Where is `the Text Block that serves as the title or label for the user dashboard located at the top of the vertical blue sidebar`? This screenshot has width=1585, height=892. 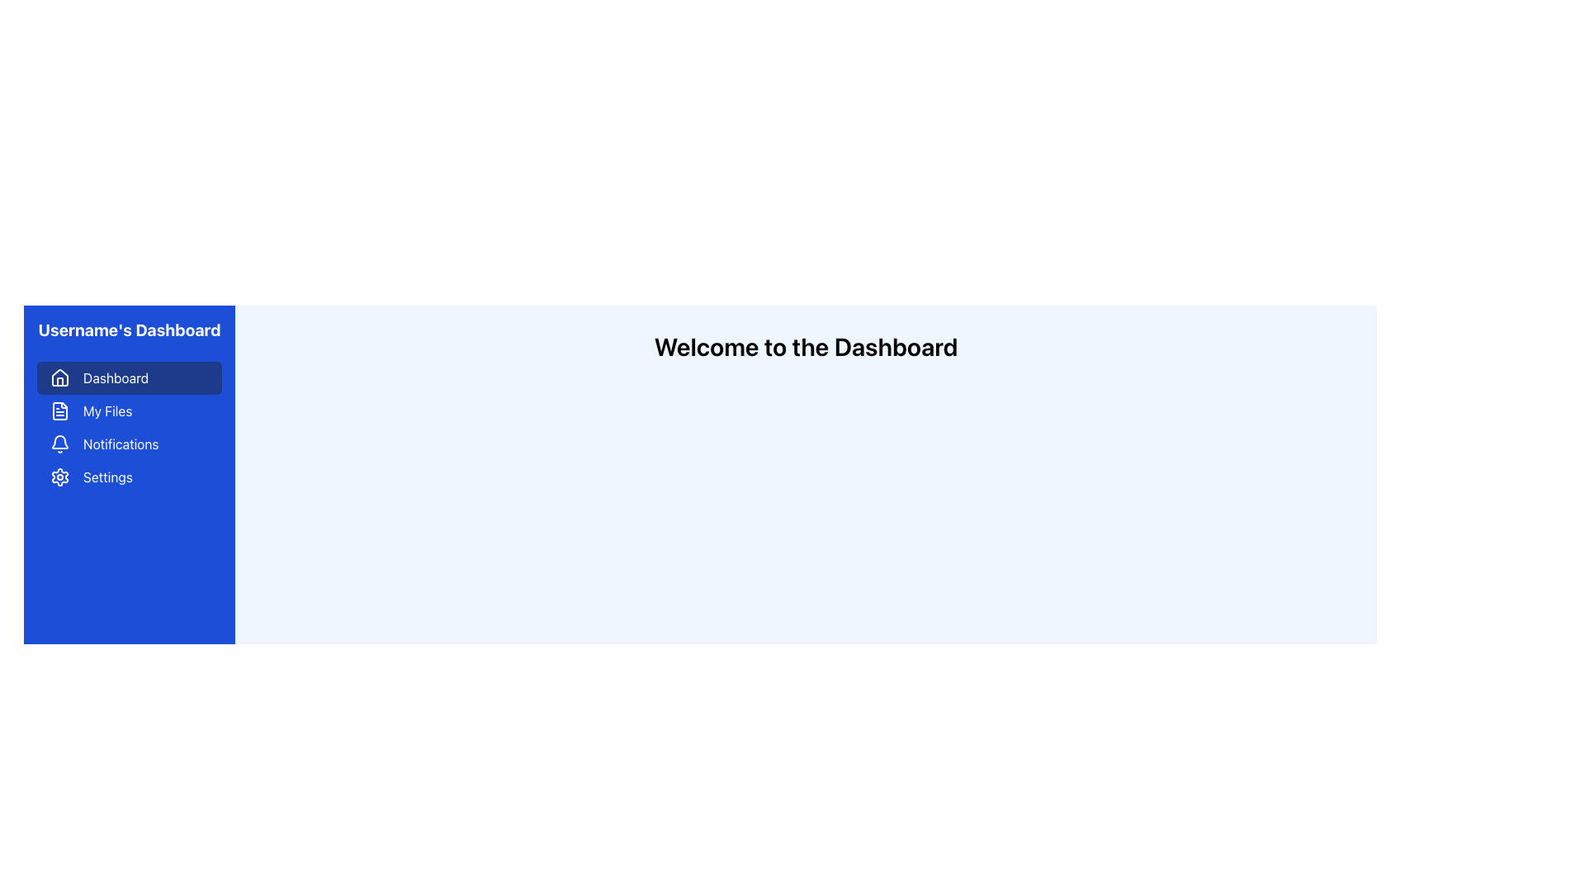
the Text Block that serves as the title or label for the user dashboard located at the top of the vertical blue sidebar is located at coordinates (129, 330).